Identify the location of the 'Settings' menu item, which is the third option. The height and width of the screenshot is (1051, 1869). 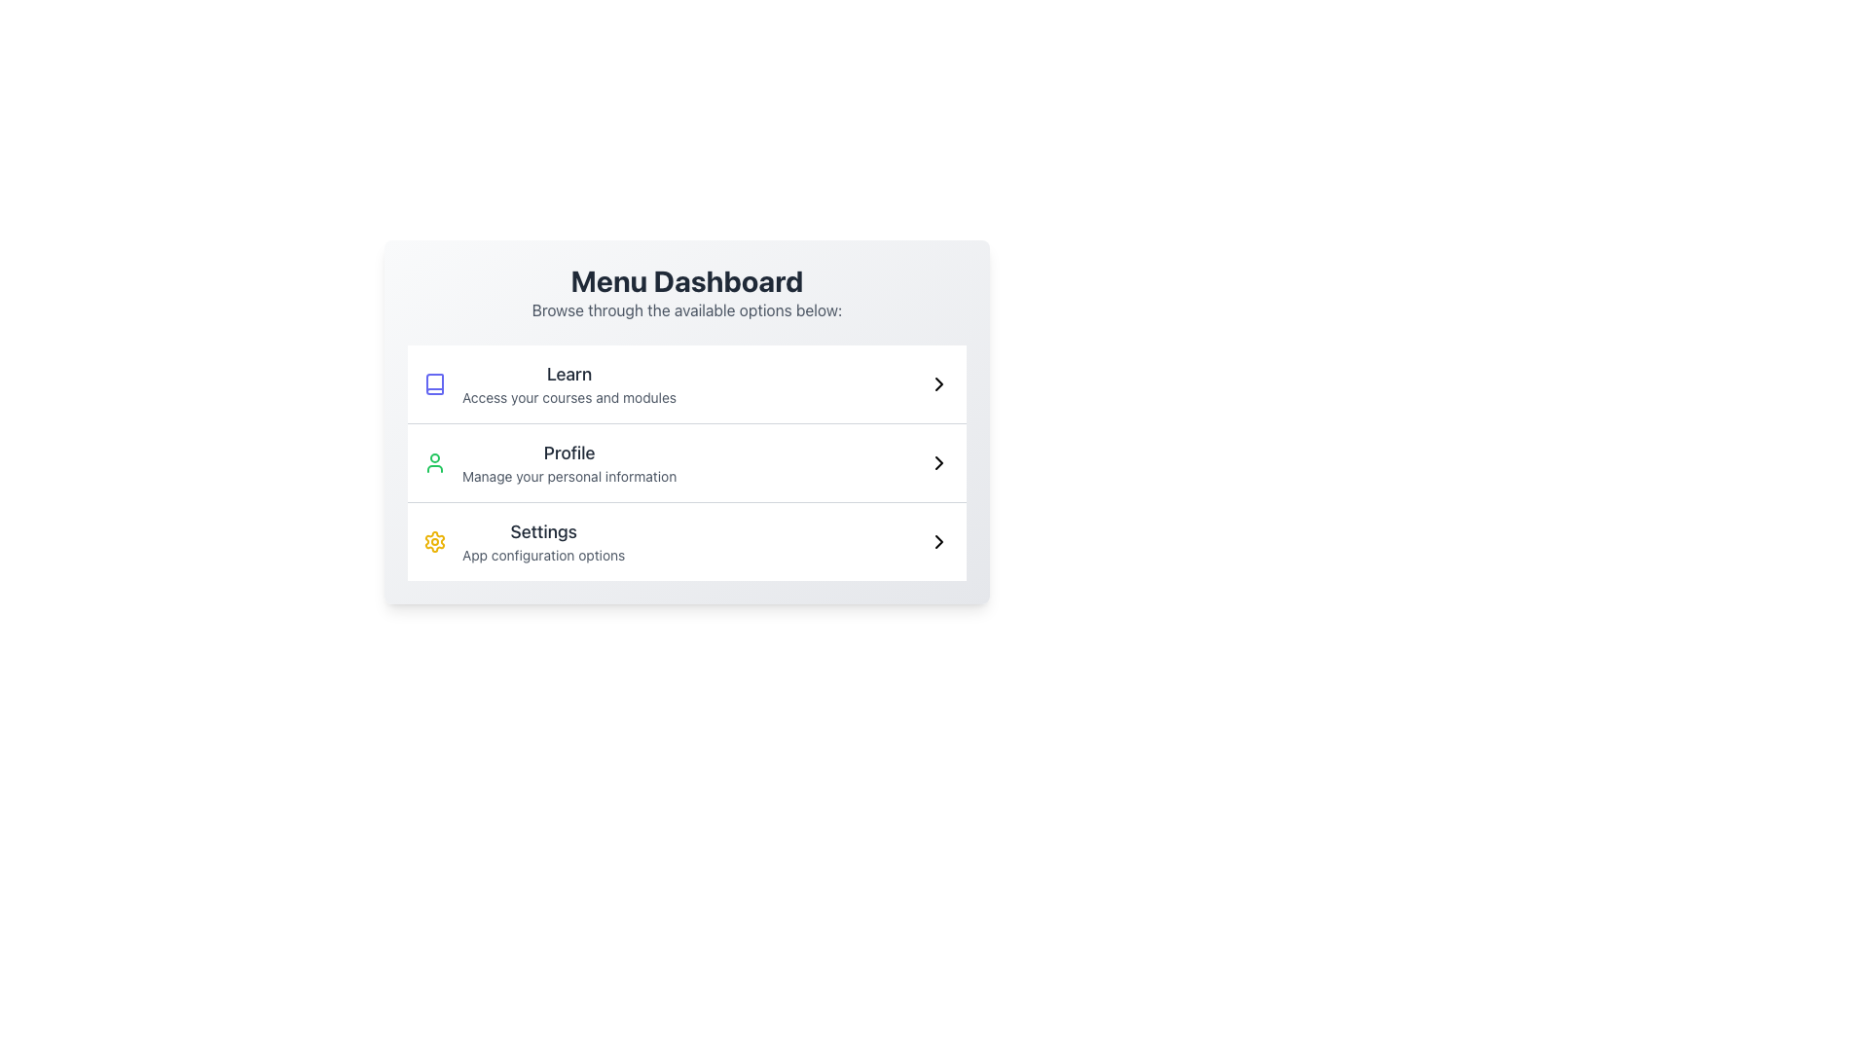
(524, 541).